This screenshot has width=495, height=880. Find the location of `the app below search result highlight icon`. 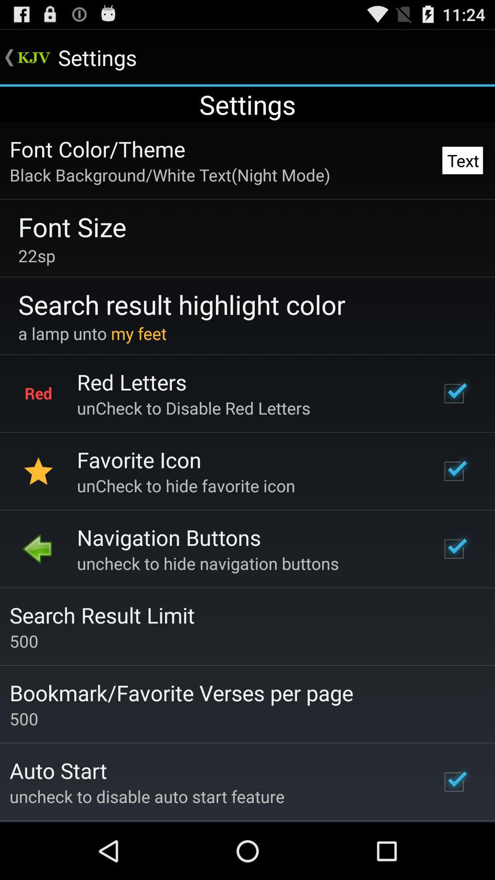

the app below search result highlight icon is located at coordinates (92, 333).